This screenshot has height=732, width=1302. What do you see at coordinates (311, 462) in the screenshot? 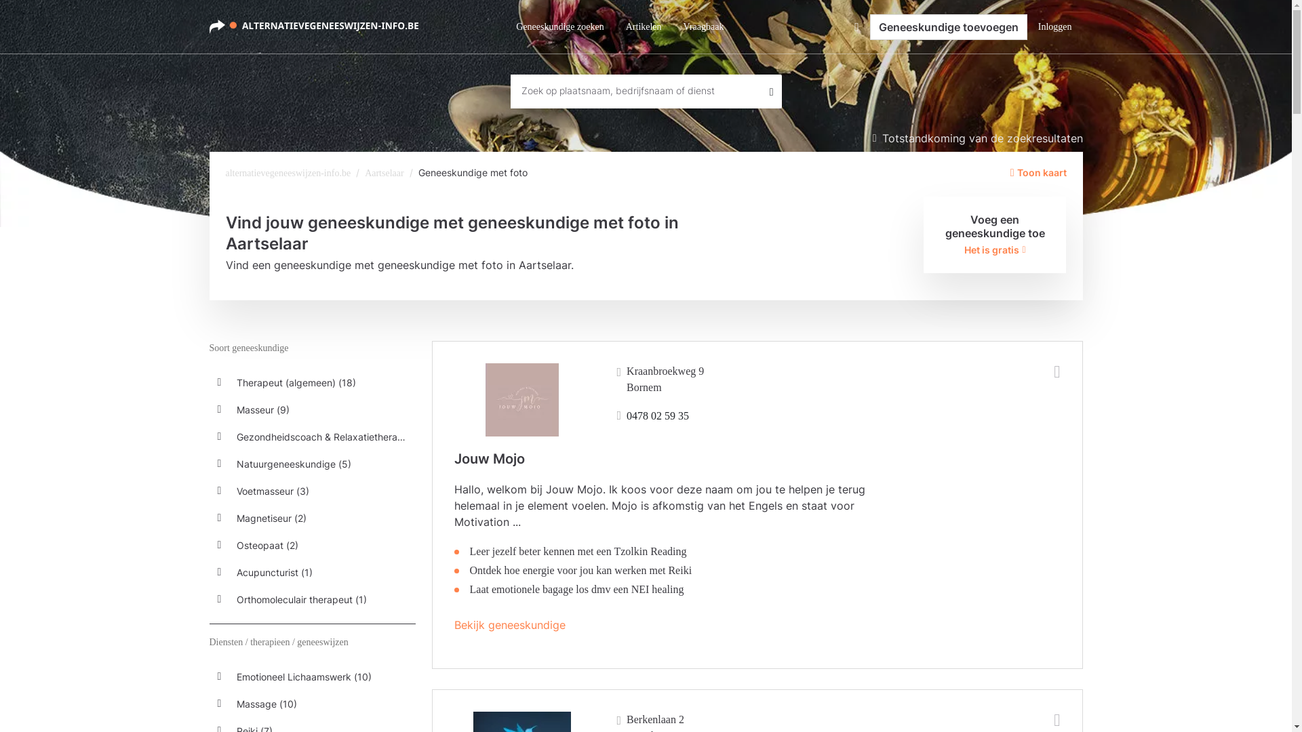
I see `'Natuurgeneeskundige (5)'` at bounding box center [311, 462].